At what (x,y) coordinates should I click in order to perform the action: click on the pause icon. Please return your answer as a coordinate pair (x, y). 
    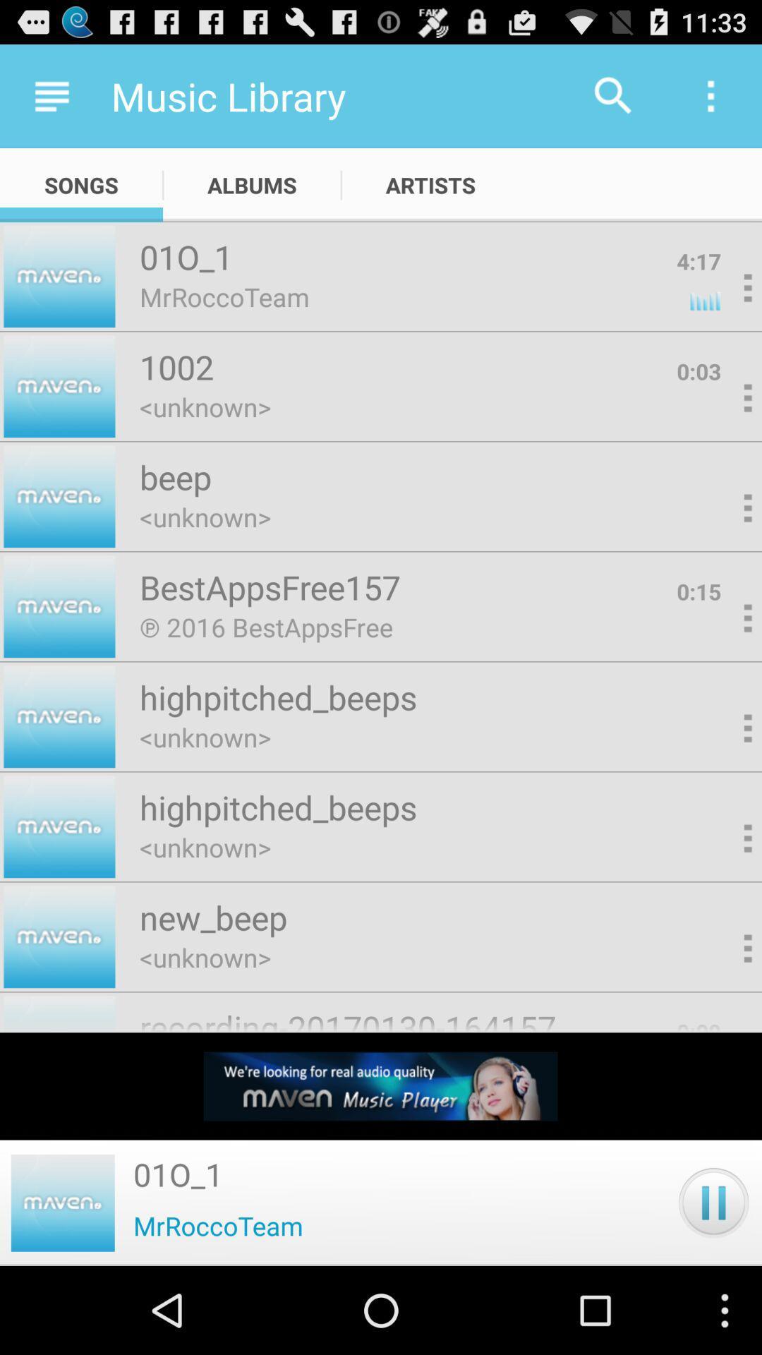
    Looking at the image, I should click on (713, 1287).